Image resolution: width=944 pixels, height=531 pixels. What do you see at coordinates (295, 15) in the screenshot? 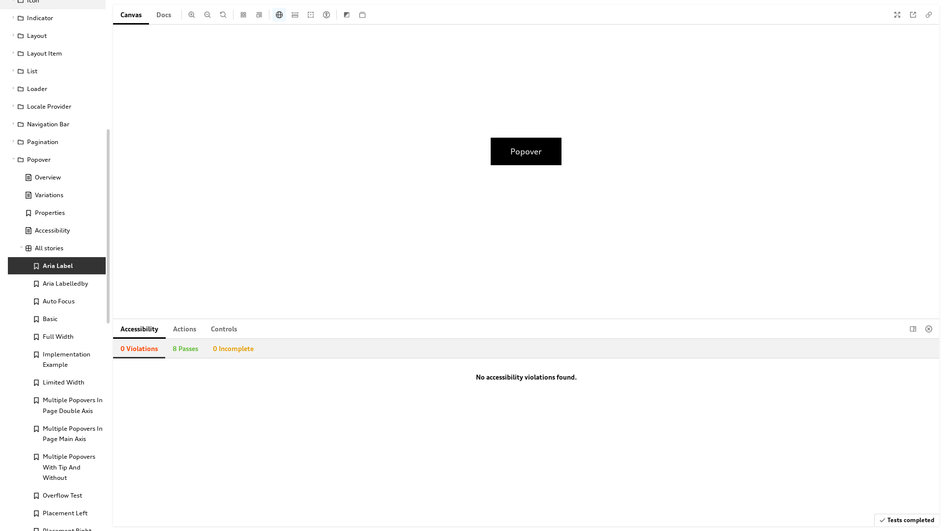
I see `'Enable measure'` at bounding box center [295, 15].